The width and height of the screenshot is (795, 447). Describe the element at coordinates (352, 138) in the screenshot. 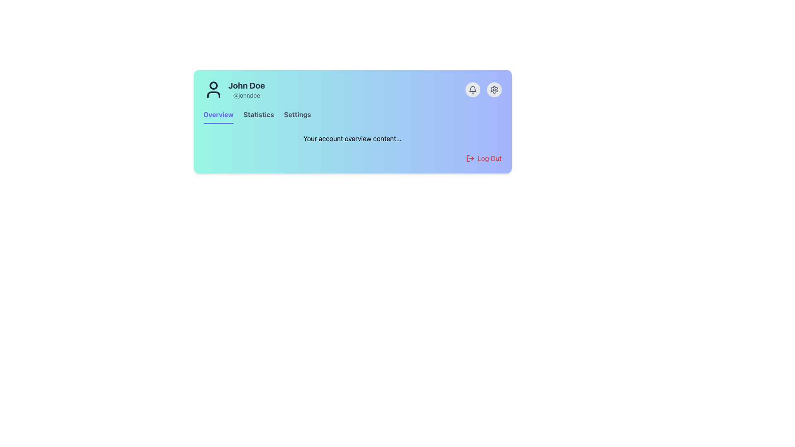

I see `the text element displaying 'Your account overview content...' in black on a gradient background, located below the navigation tabs` at that location.